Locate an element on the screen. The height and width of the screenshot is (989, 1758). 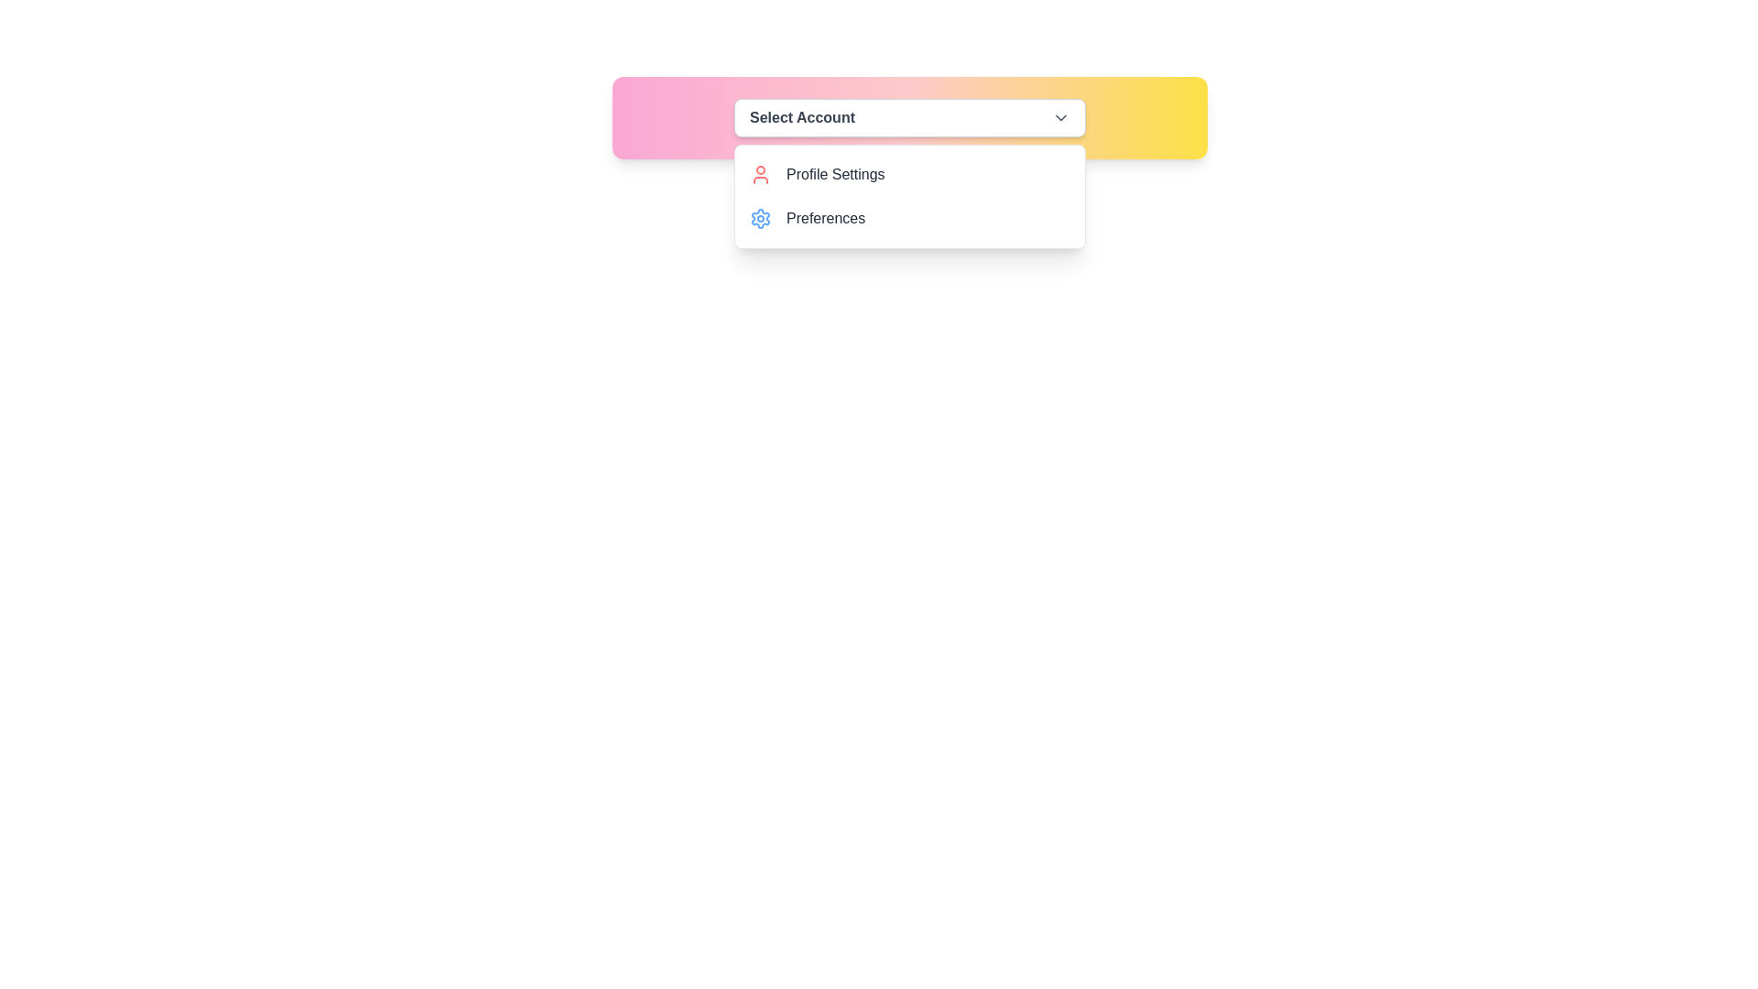
the second item in the vertical list that navigates to user preferences or settings, positioned below 'Profile Settings' is located at coordinates (909, 218).